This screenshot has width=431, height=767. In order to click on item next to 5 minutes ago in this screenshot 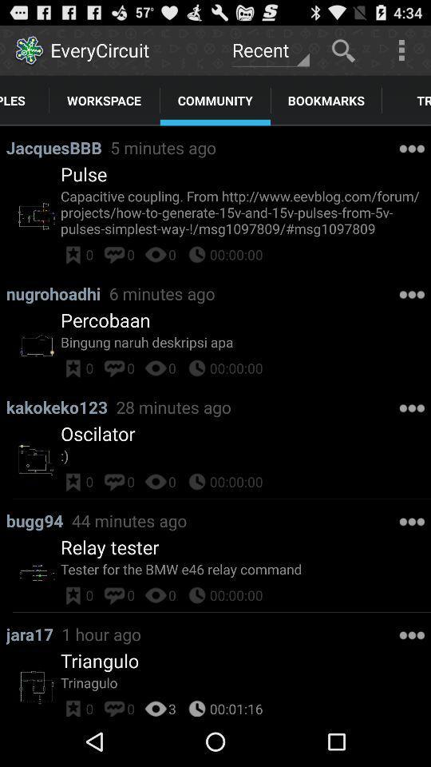, I will do `click(84, 174)`.